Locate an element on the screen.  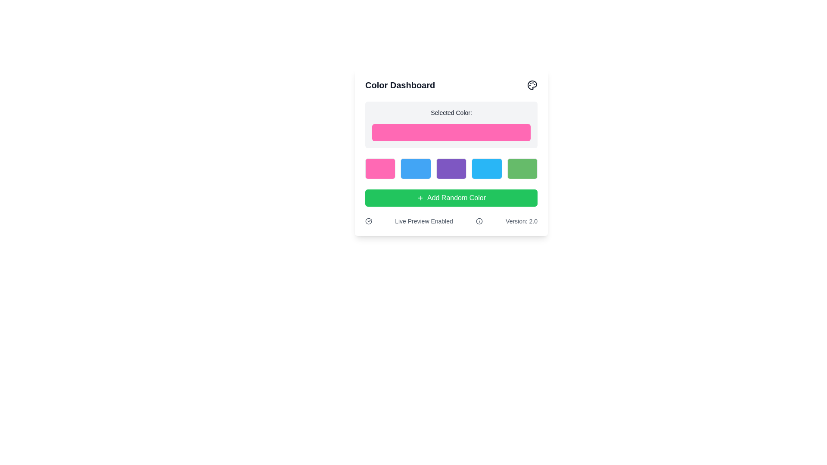
the 'Color Dashboard' text label, which is a bold and large header aligned at the top-left corner of its card, attracting attention as a section title is located at coordinates (400, 85).